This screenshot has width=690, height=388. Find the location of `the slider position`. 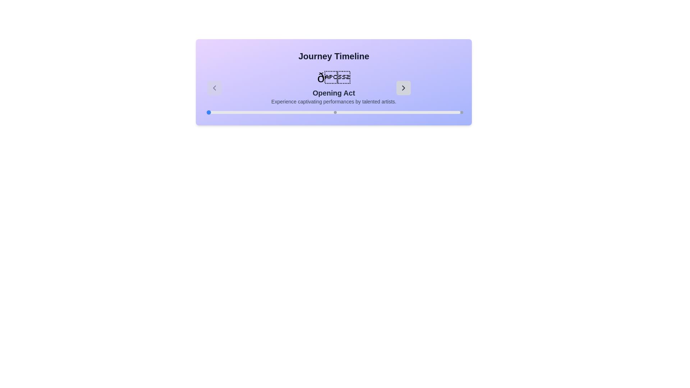

the slider position is located at coordinates (285, 112).